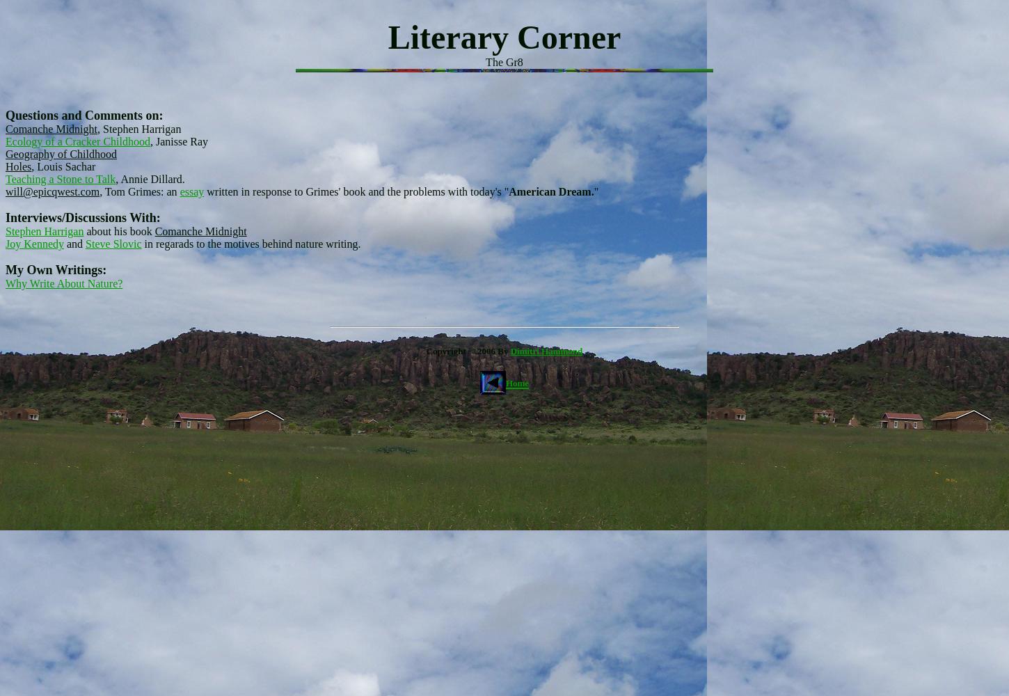 The height and width of the screenshot is (696, 1009). I want to click on 'Ecology of a Cracker Childhood', so click(77, 141).